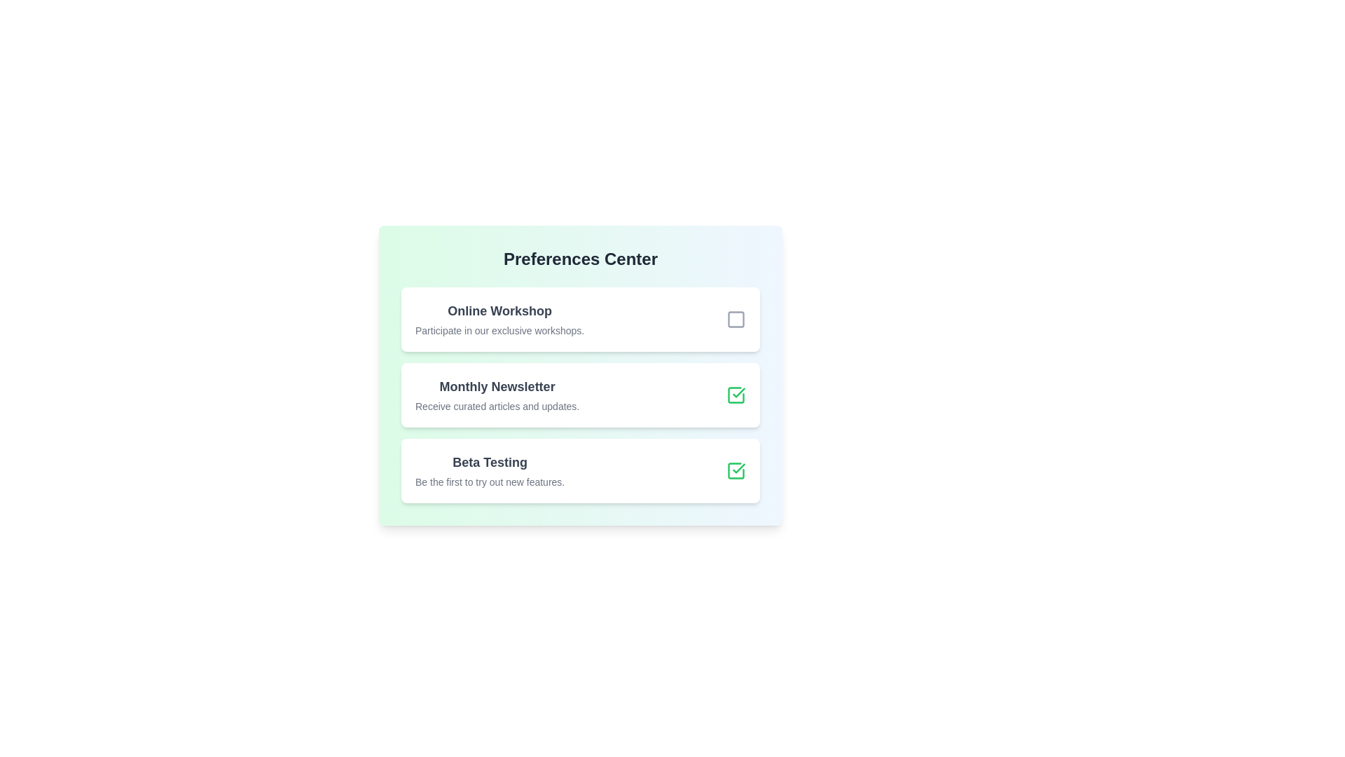 The width and height of the screenshot is (1345, 757). What do you see at coordinates (736, 470) in the screenshot?
I see `the checkbox with a green checkmark indicating selection, located in the 'Beta Testing' section of the 'Preferences Center' list` at bounding box center [736, 470].